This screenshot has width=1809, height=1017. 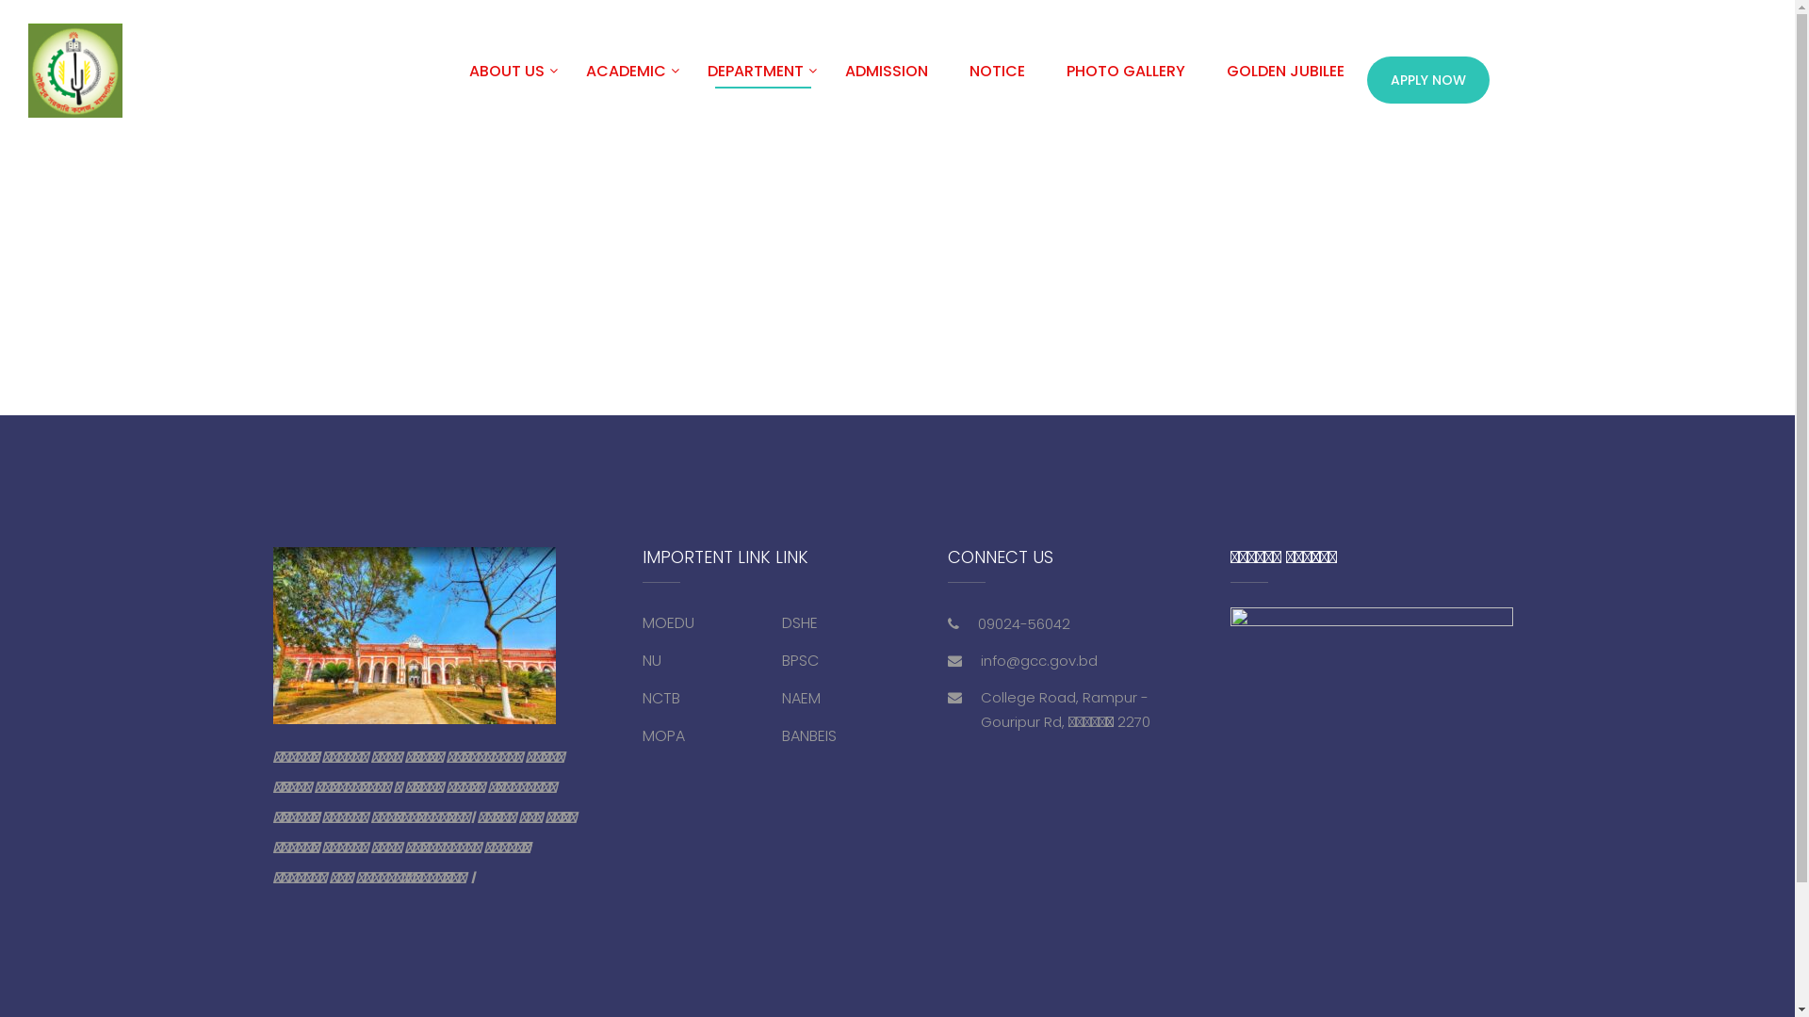 What do you see at coordinates (663, 734) in the screenshot?
I see `'MOPA'` at bounding box center [663, 734].